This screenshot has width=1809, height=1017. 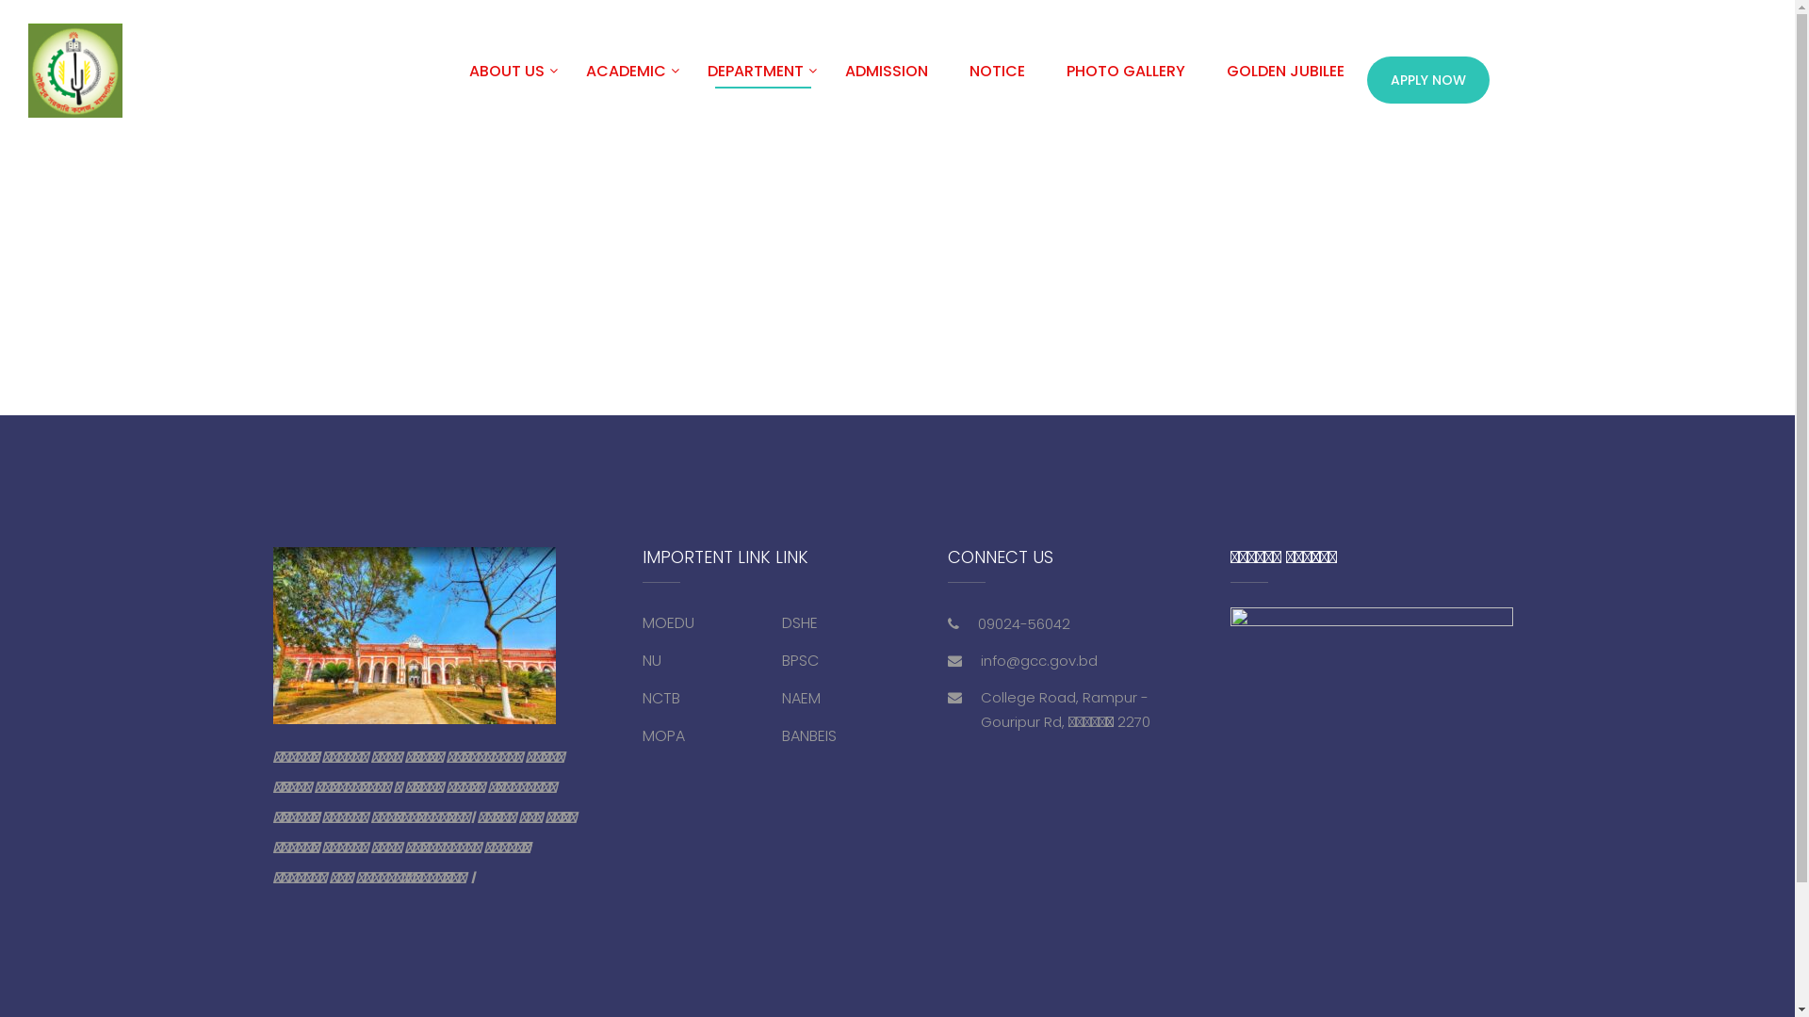 What do you see at coordinates (663, 734) in the screenshot?
I see `'MOPA'` at bounding box center [663, 734].